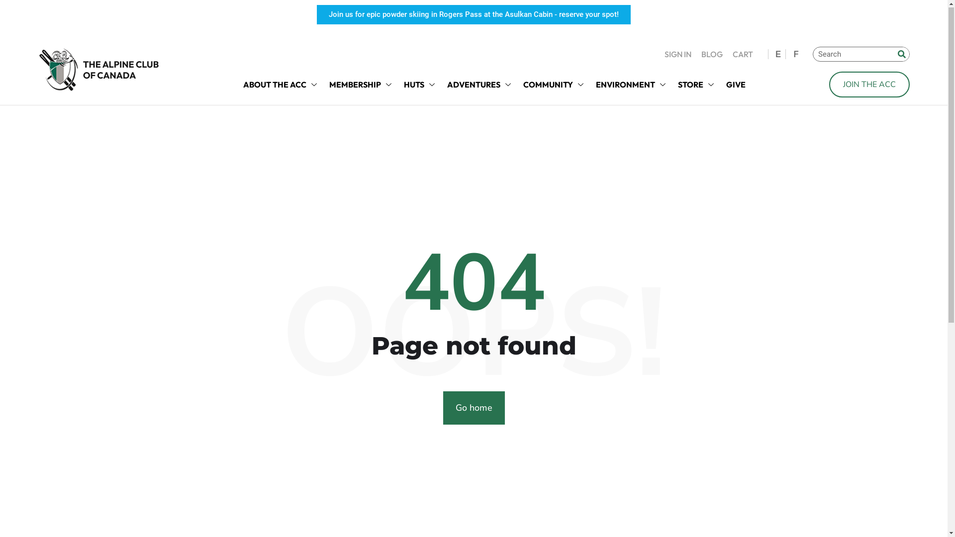  What do you see at coordinates (479, 85) in the screenshot?
I see `'ADVENTURES'` at bounding box center [479, 85].